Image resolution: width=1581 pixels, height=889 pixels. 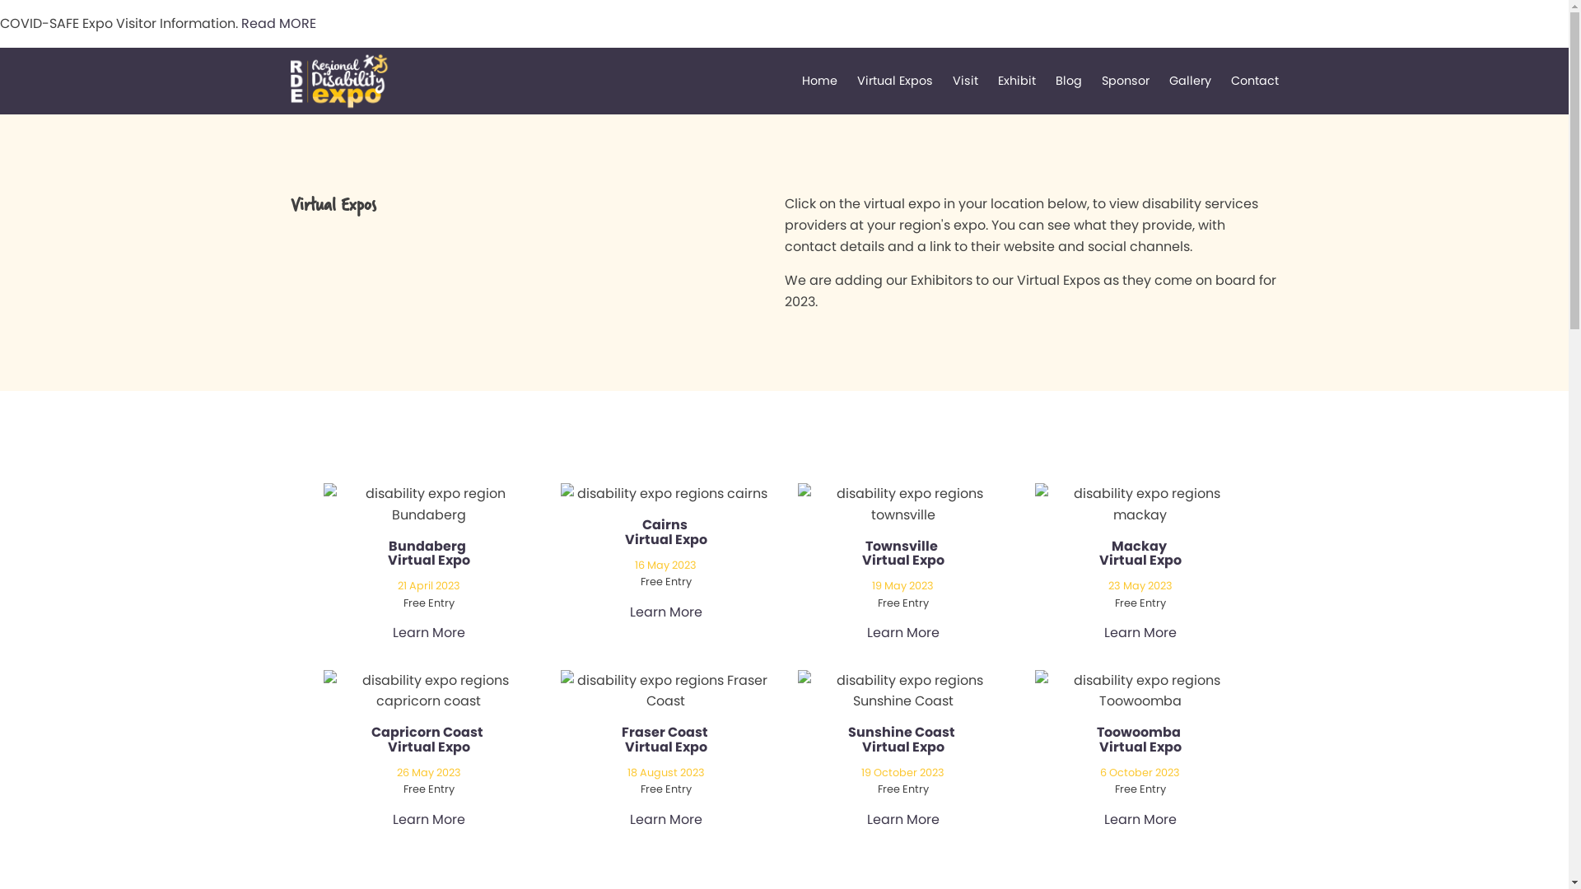 What do you see at coordinates (1252, 81) in the screenshot?
I see `'Contact'` at bounding box center [1252, 81].